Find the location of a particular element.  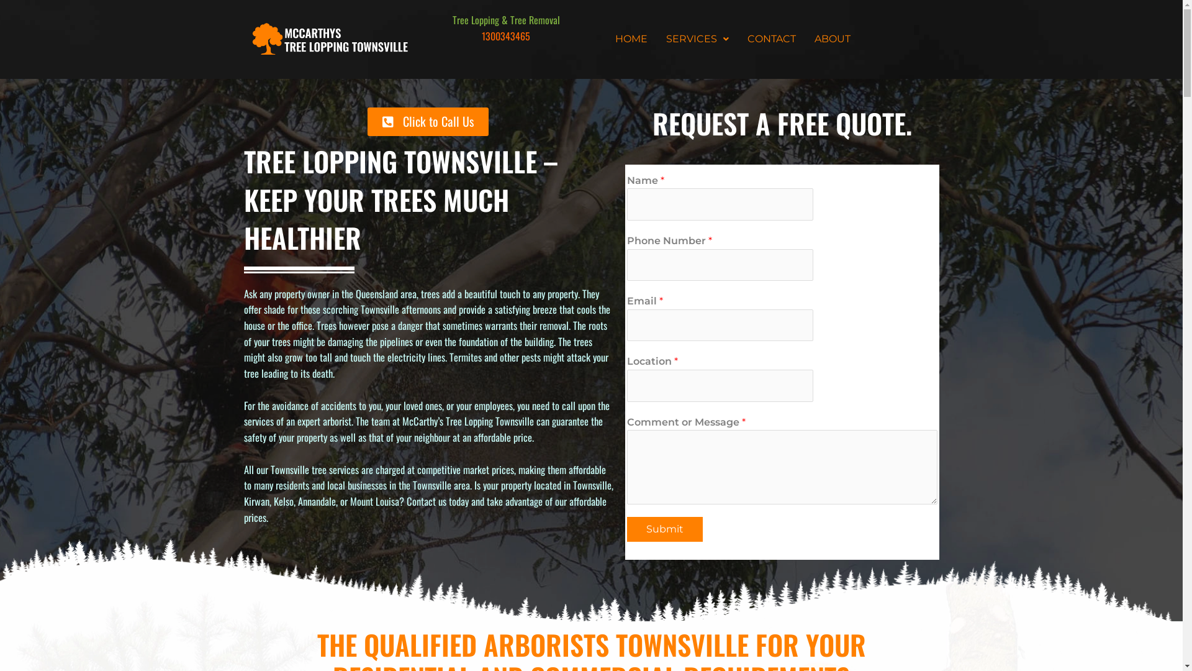

'Submit' is located at coordinates (664, 529).